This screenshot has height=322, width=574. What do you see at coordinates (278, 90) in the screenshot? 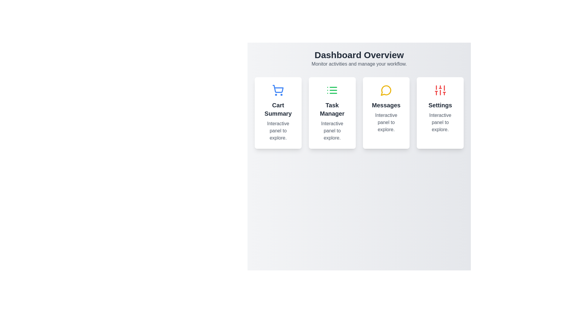
I see `the SVG icon representing the 'Cart Summary' section, which is positioned at the top of the first card in the interface` at bounding box center [278, 90].